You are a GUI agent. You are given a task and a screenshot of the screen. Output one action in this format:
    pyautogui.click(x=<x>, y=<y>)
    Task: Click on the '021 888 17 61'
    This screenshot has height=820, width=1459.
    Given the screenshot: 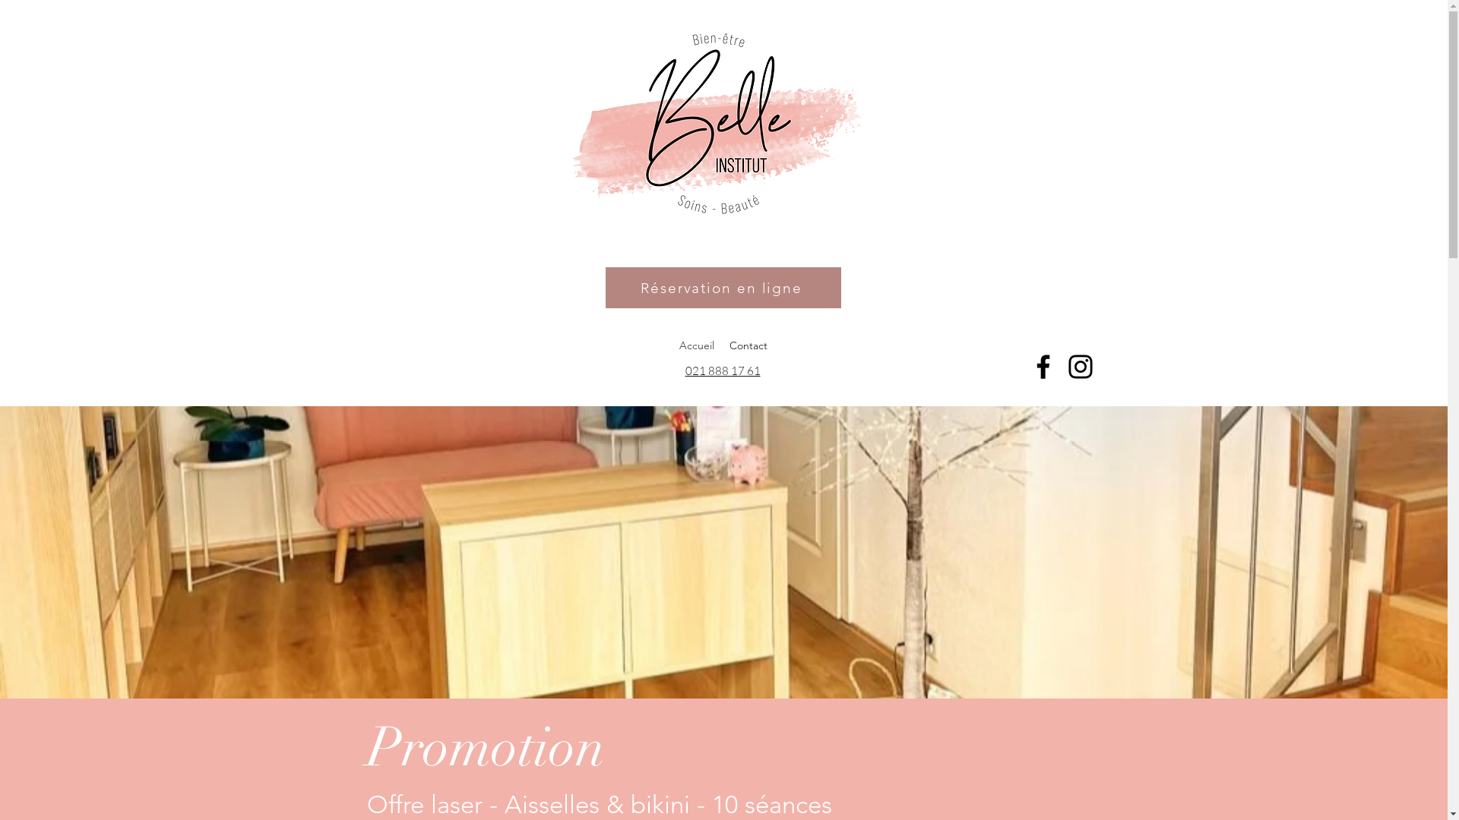 What is the action you would take?
    pyautogui.click(x=722, y=371)
    